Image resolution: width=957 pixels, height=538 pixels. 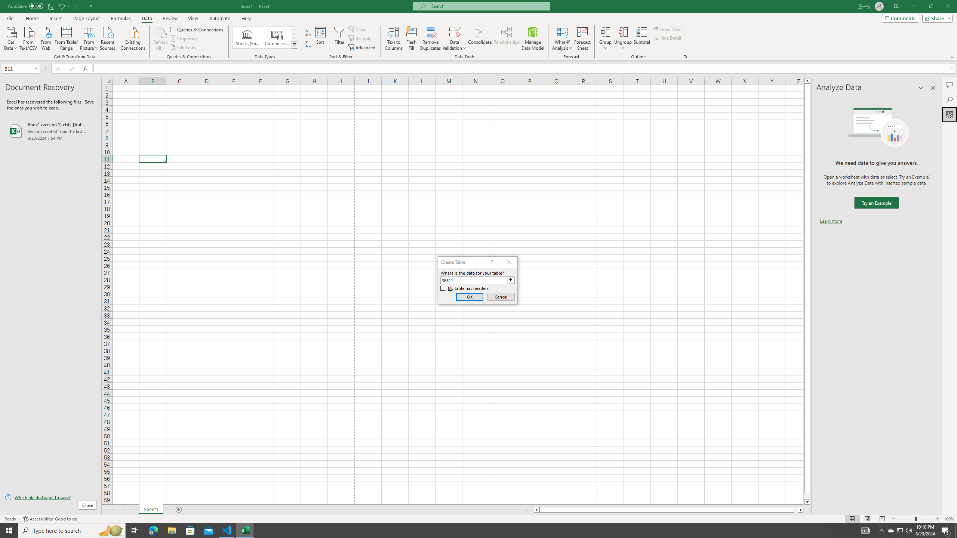 I want to click on 'Which file do I want to save?', so click(x=50, y=498).